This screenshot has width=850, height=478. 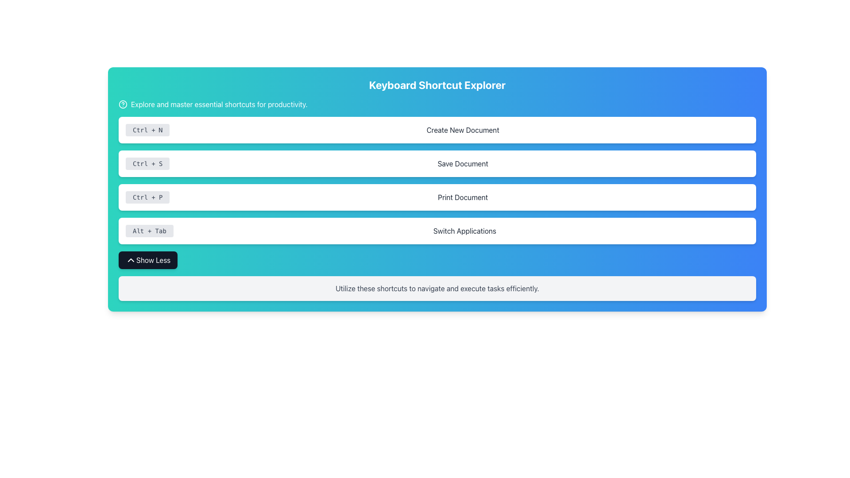 What do you see at coordinates (437, 130) in the screenshot?
I see `the composite UI element that contains a light gray button labeled 'Ctrl + N' and a text label 'Create New Document', positioned below 'Keyboard Shortcut Explorer'` at bounding box center [437, 130].